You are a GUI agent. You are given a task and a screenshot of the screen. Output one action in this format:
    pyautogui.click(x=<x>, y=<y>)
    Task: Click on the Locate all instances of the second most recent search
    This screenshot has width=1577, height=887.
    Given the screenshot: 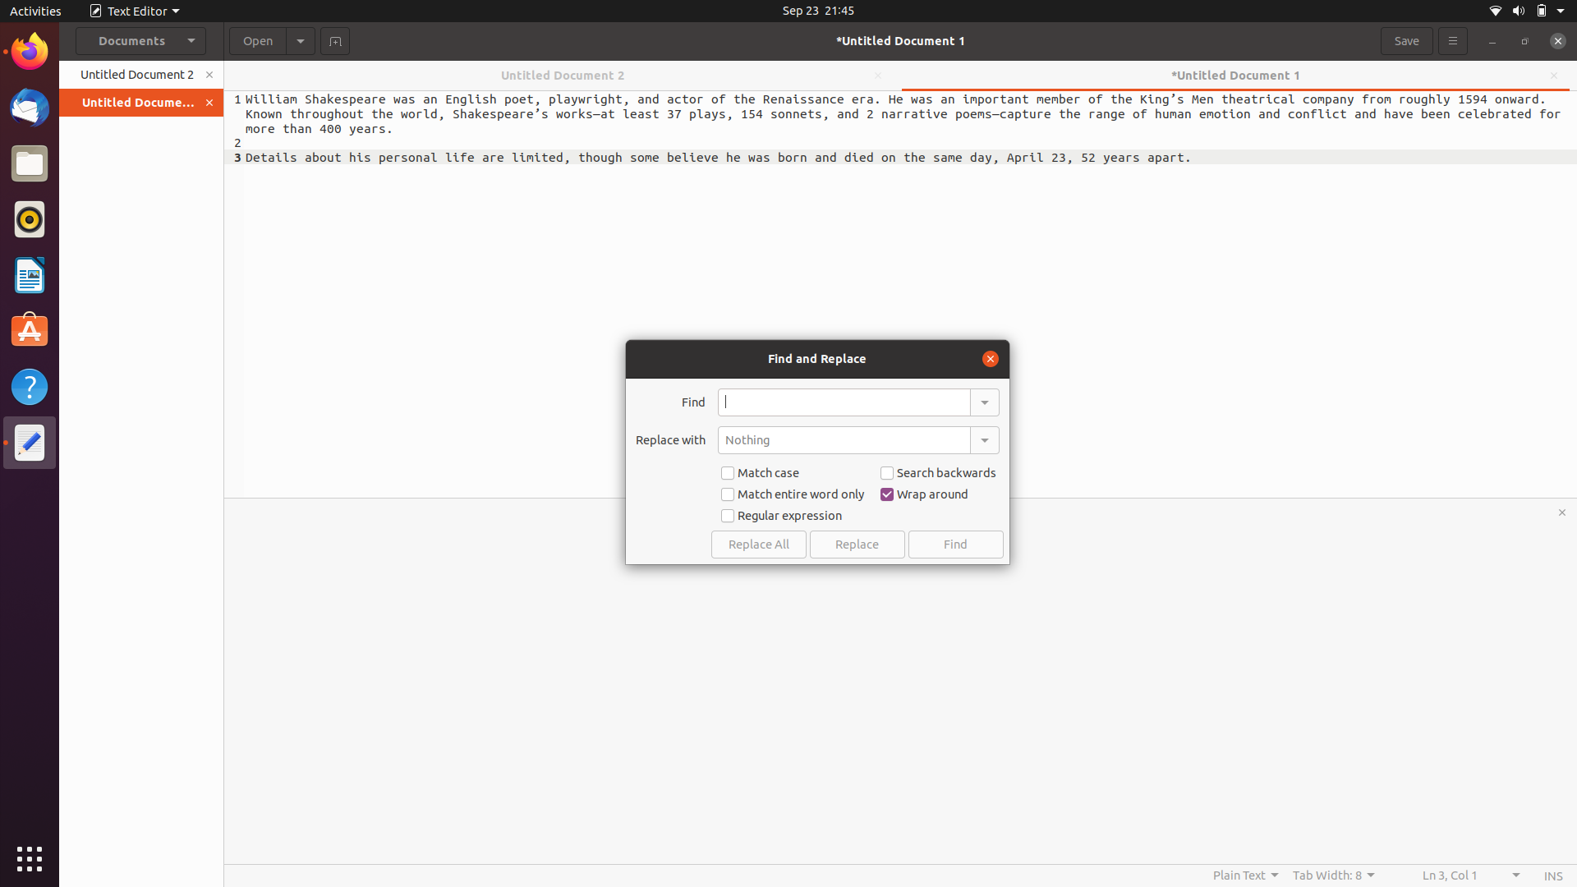 What is the action you would take?
    pyautogui.click(x=983, y=401)
    